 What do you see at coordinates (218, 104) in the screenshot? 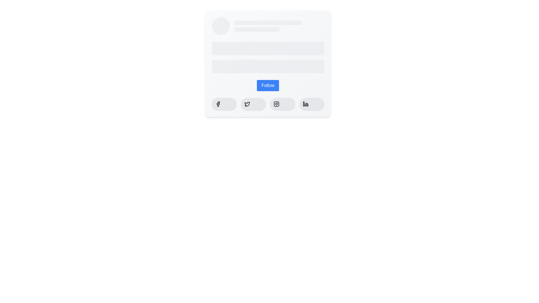
I see `the first circular button in the row of social media icons` at bounding box center [218, 104].